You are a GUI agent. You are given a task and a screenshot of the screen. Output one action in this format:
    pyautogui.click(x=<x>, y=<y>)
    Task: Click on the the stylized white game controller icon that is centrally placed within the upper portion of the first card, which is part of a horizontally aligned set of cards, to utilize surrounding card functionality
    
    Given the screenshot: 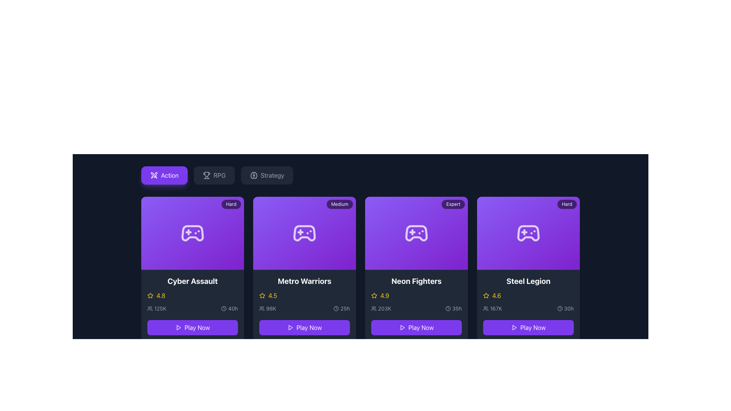 What is the action you would take?
    pyautogui.click(x=192, y=233)
    